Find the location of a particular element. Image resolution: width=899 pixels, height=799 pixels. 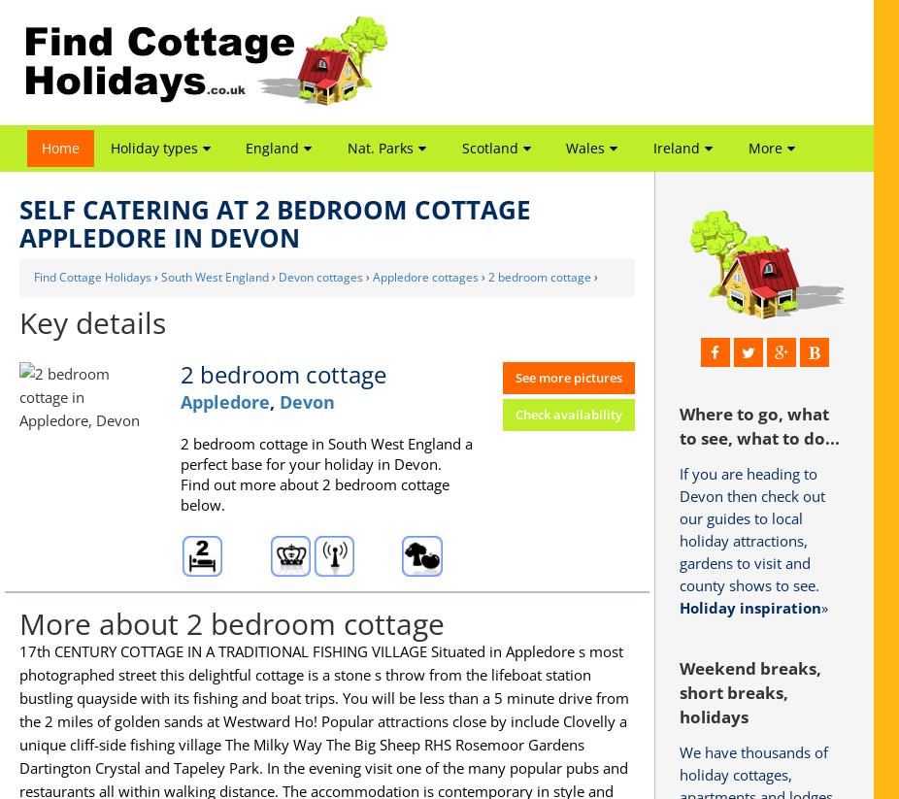

'Wales' is located at coordinates (584, 147).